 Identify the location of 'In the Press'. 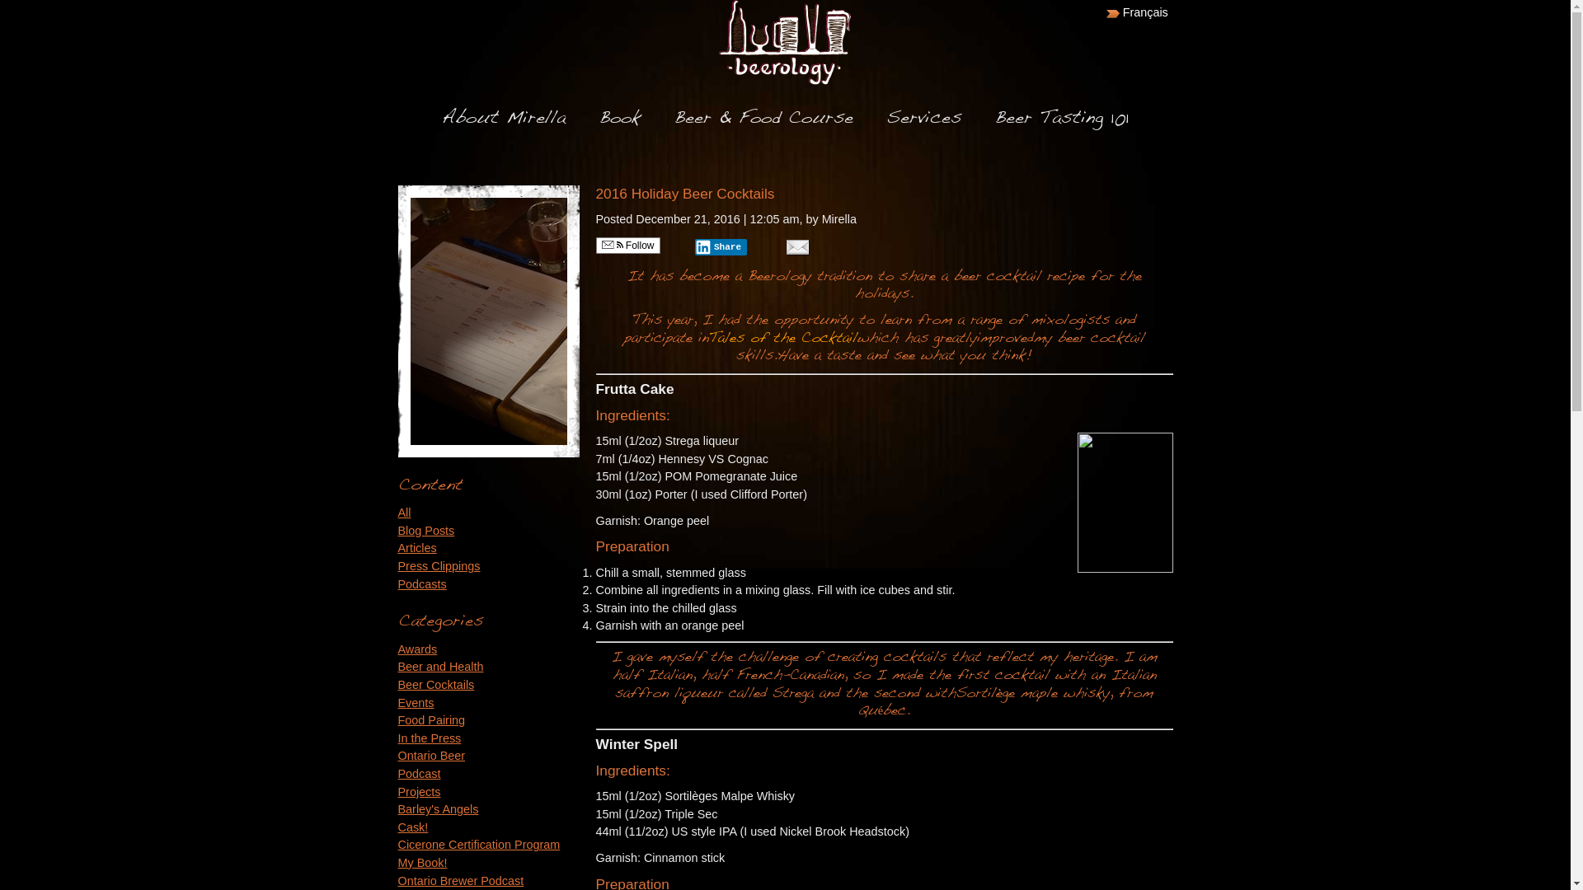
(429, 737).